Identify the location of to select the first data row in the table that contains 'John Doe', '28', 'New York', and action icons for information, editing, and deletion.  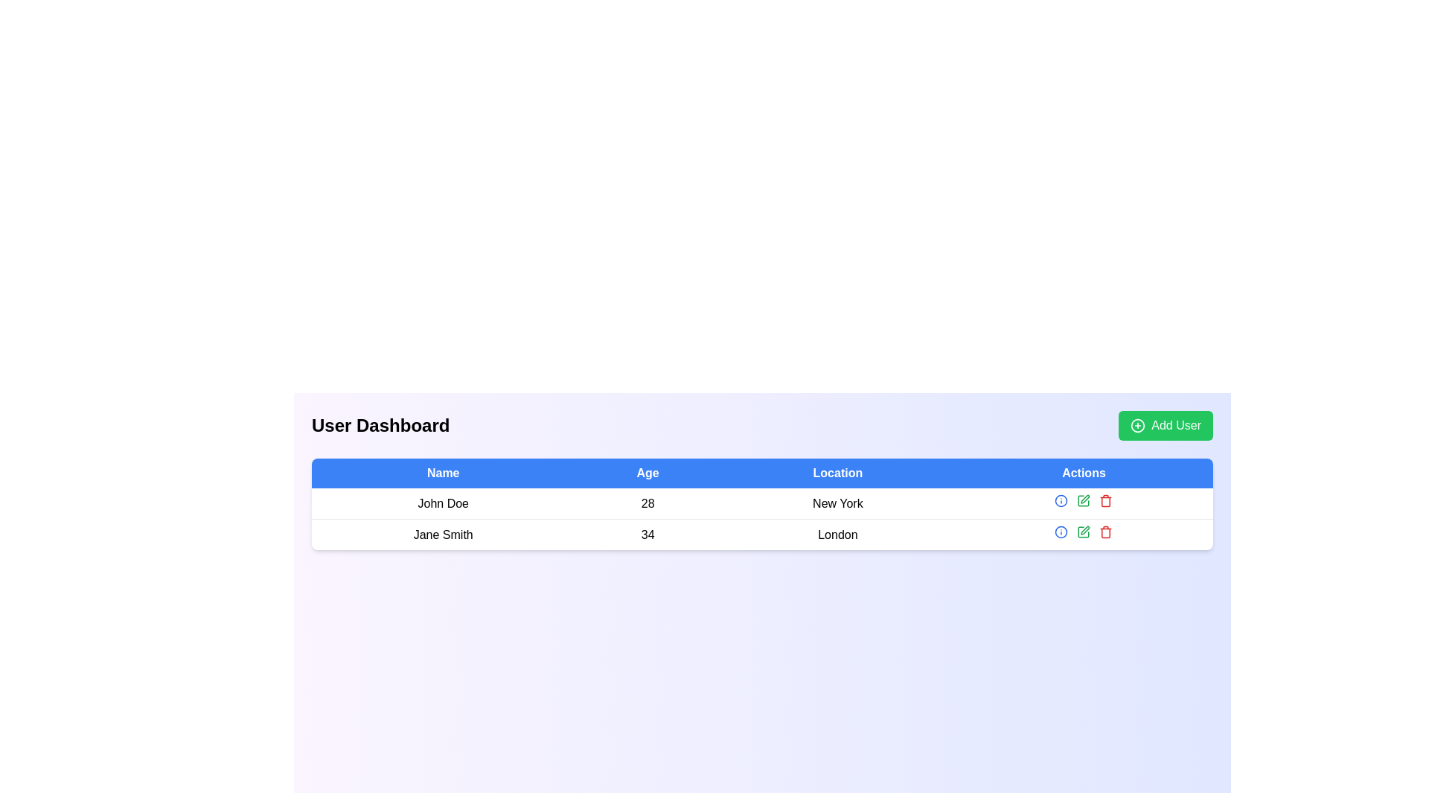
(762, 518).